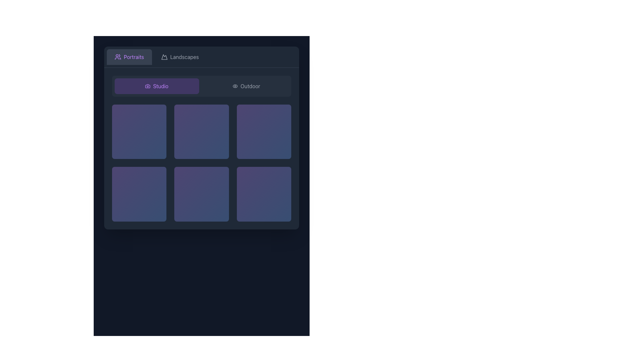  Describe the element at coordinates (147, 86) in the screenshot. I see `the photography icon located to the left of the 'Studio' label in the tab panel section` at that location.